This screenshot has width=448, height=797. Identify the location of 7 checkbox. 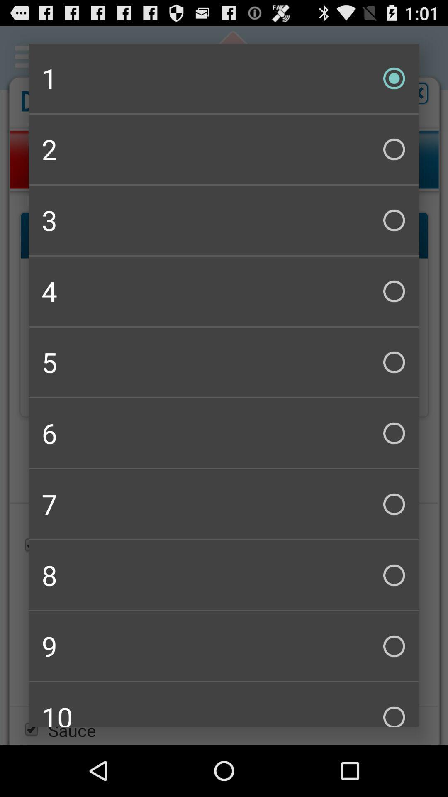
(224, 504).